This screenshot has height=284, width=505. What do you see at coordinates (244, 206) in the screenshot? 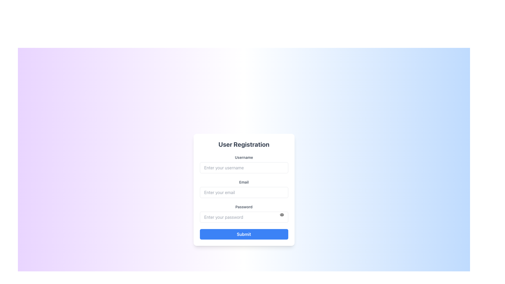
I see `text of the 'Password' label, which is displayed in bold, small gray font above the password input field in the user registration form` at bounding box center [244, 206].